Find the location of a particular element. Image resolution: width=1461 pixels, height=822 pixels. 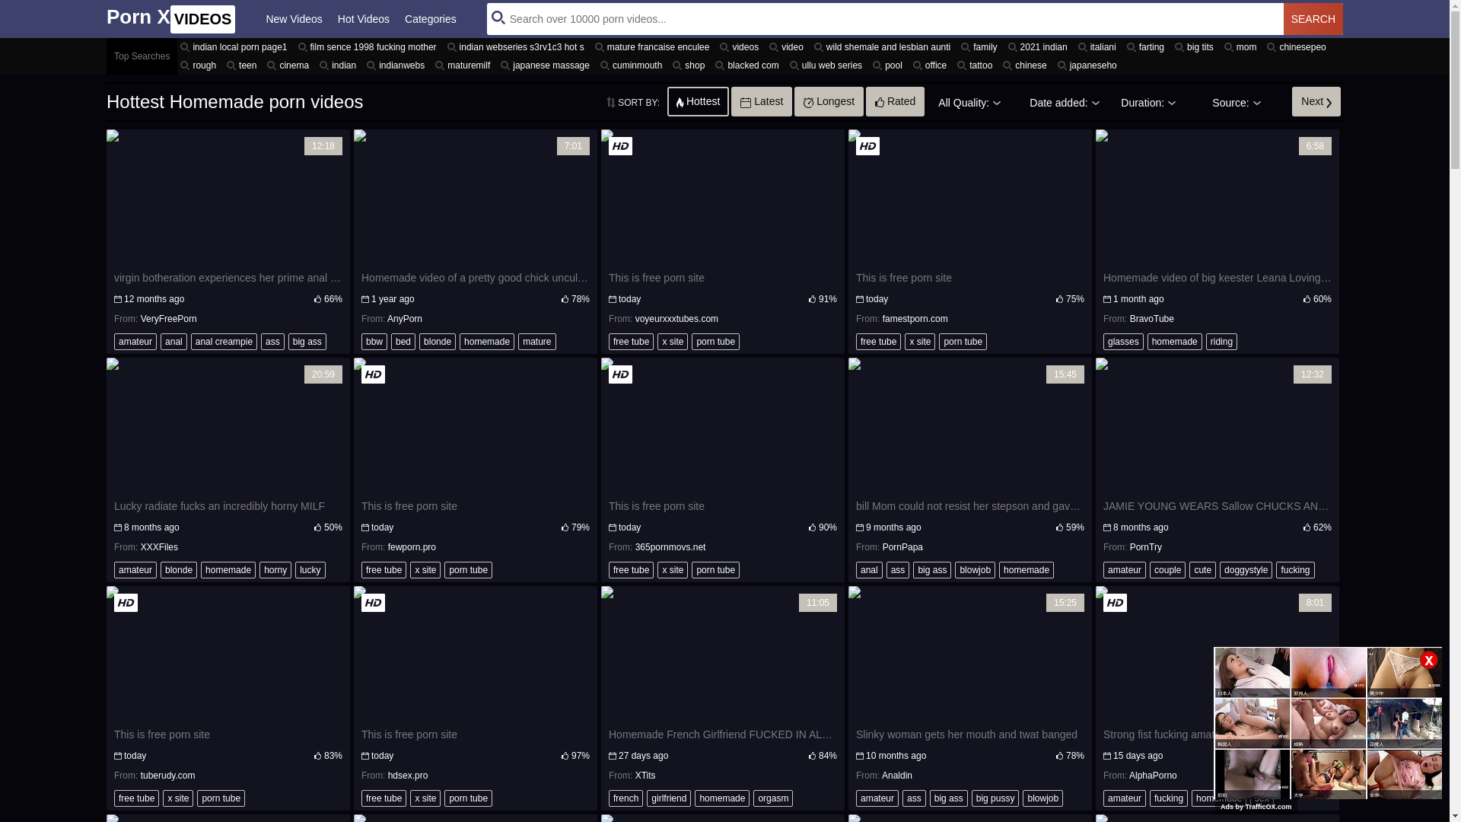

'homemade' is located at coordinates (459, 340).